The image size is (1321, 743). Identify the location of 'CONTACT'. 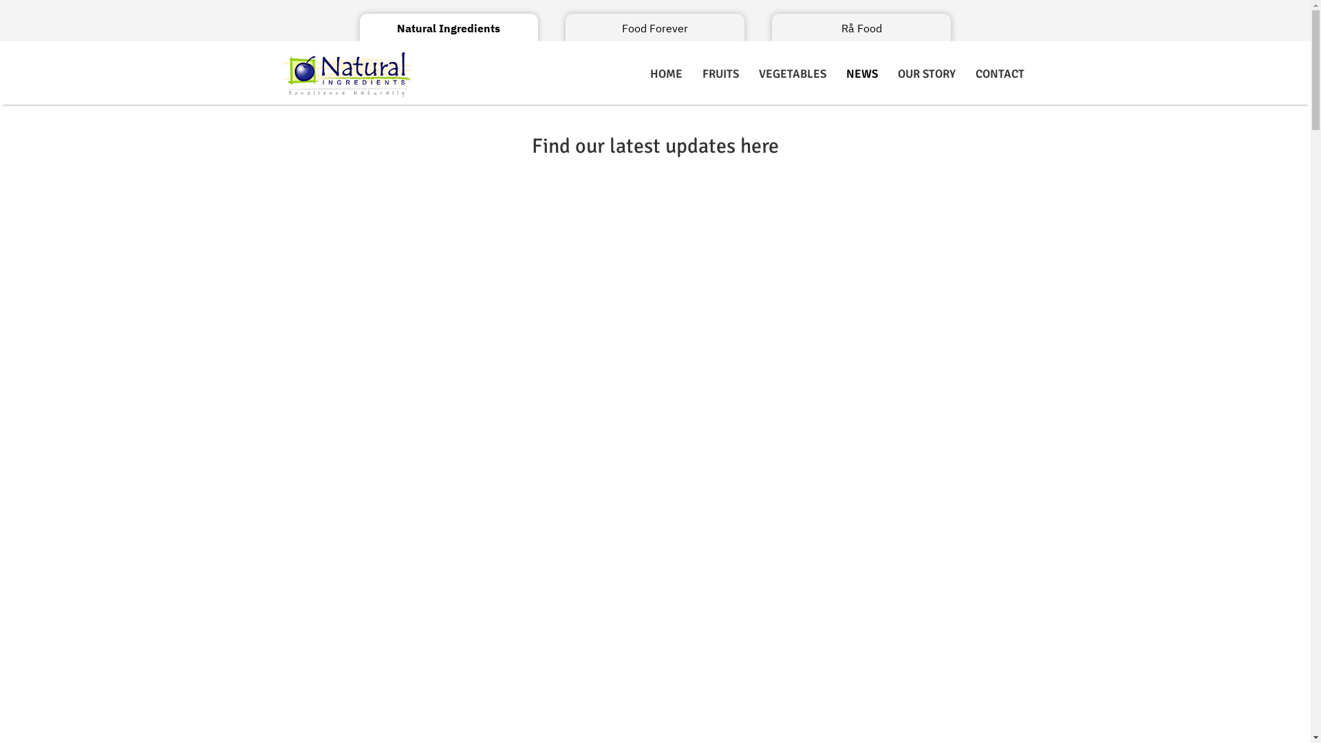
(1000, 74).